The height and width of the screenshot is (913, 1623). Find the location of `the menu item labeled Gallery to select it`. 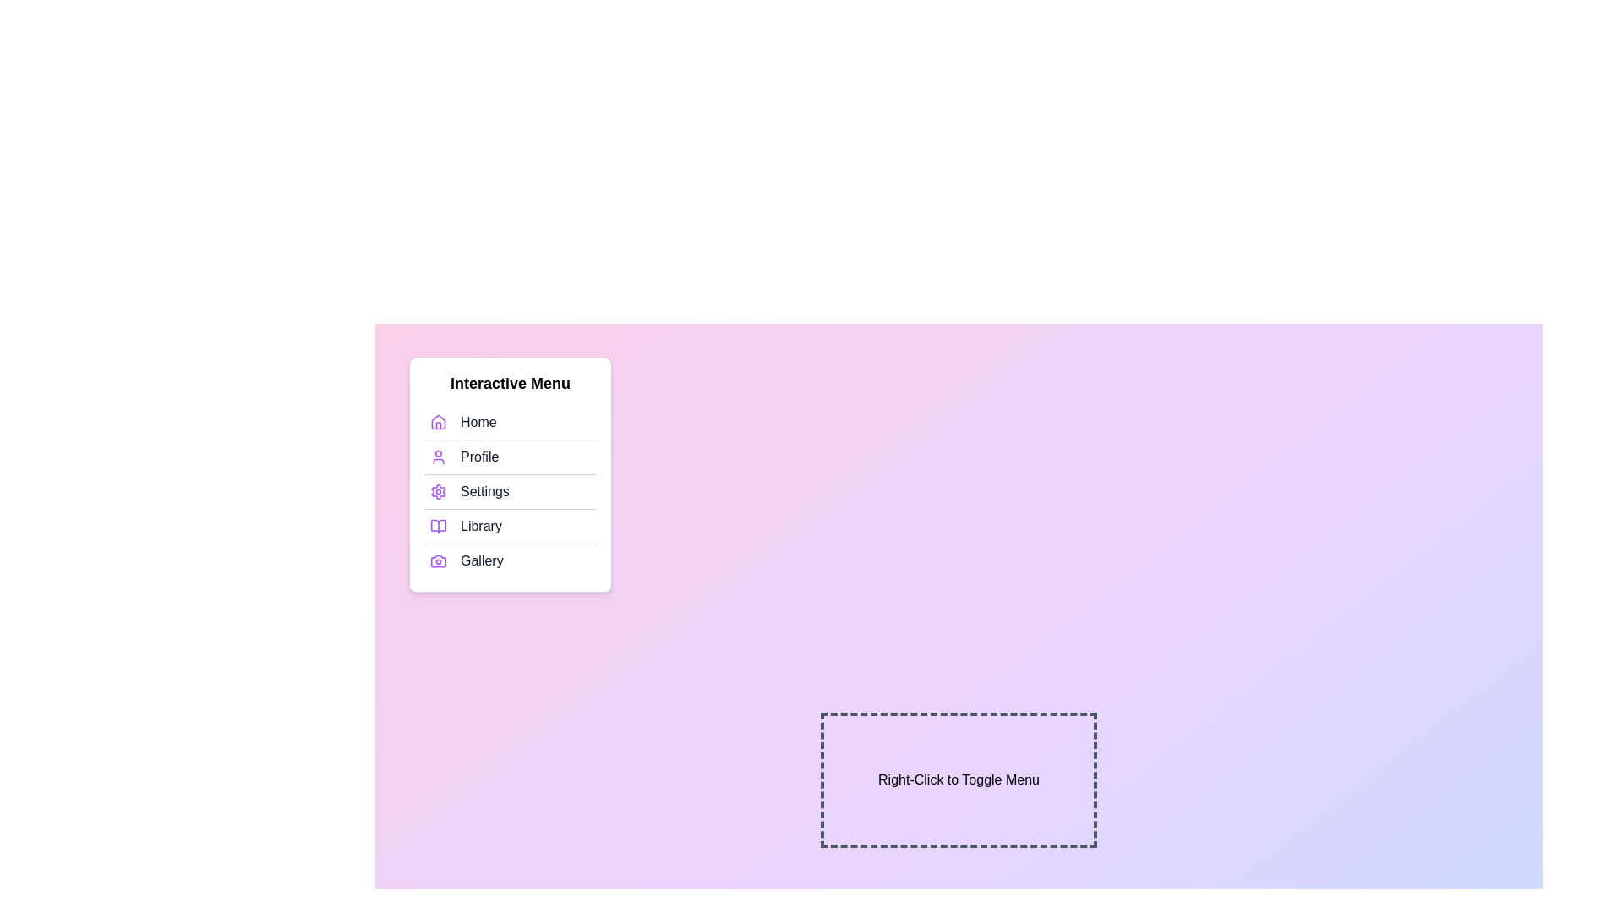

the menu item labeled Gallery to select it is located at coordinates (510, 560).